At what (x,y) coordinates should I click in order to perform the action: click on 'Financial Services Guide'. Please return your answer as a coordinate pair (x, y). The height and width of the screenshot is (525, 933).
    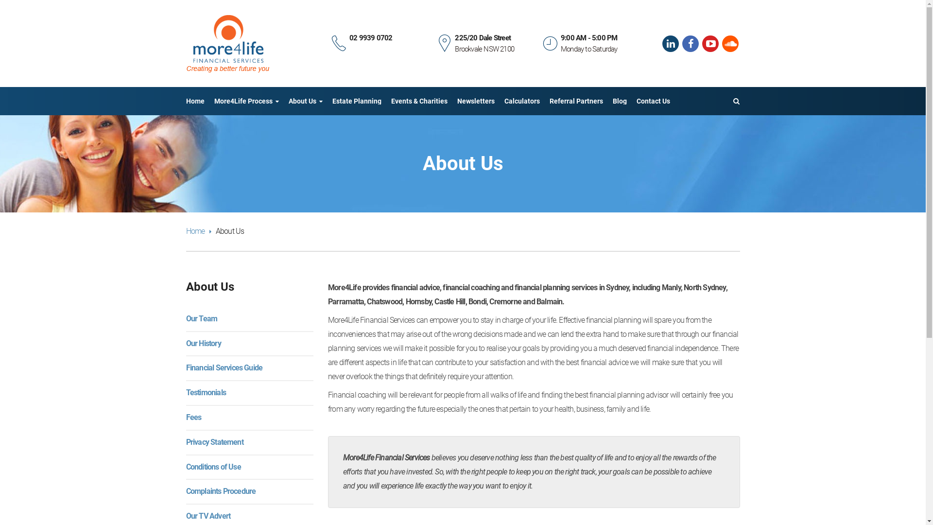
    Looking at the image, I should click on (186, 367).